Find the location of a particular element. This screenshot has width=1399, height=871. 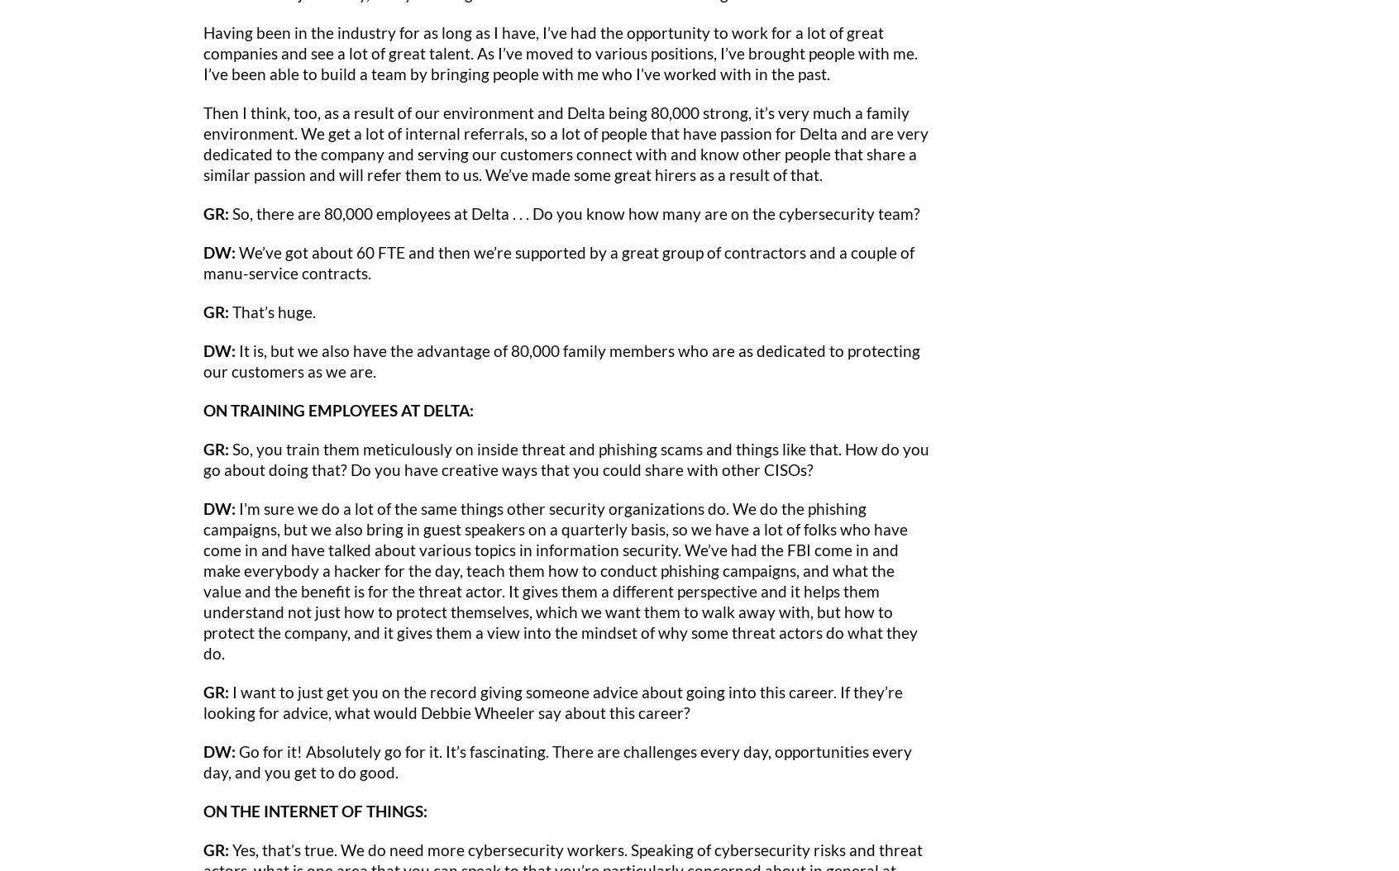

'So, you train them meticulously on inside threat and phishing scams and things like that. How do you go about doing that? Do you have creative ways that you could share with other CISOs?' is located at coordinates (566, 459).